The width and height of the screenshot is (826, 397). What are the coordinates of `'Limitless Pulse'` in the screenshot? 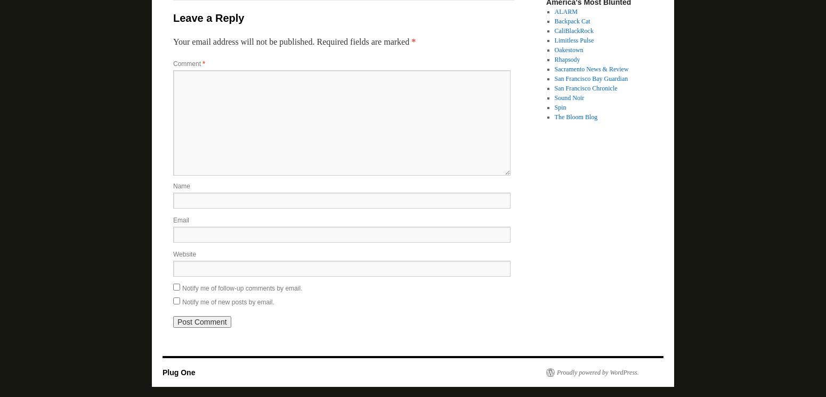 It's located at (573, 40).